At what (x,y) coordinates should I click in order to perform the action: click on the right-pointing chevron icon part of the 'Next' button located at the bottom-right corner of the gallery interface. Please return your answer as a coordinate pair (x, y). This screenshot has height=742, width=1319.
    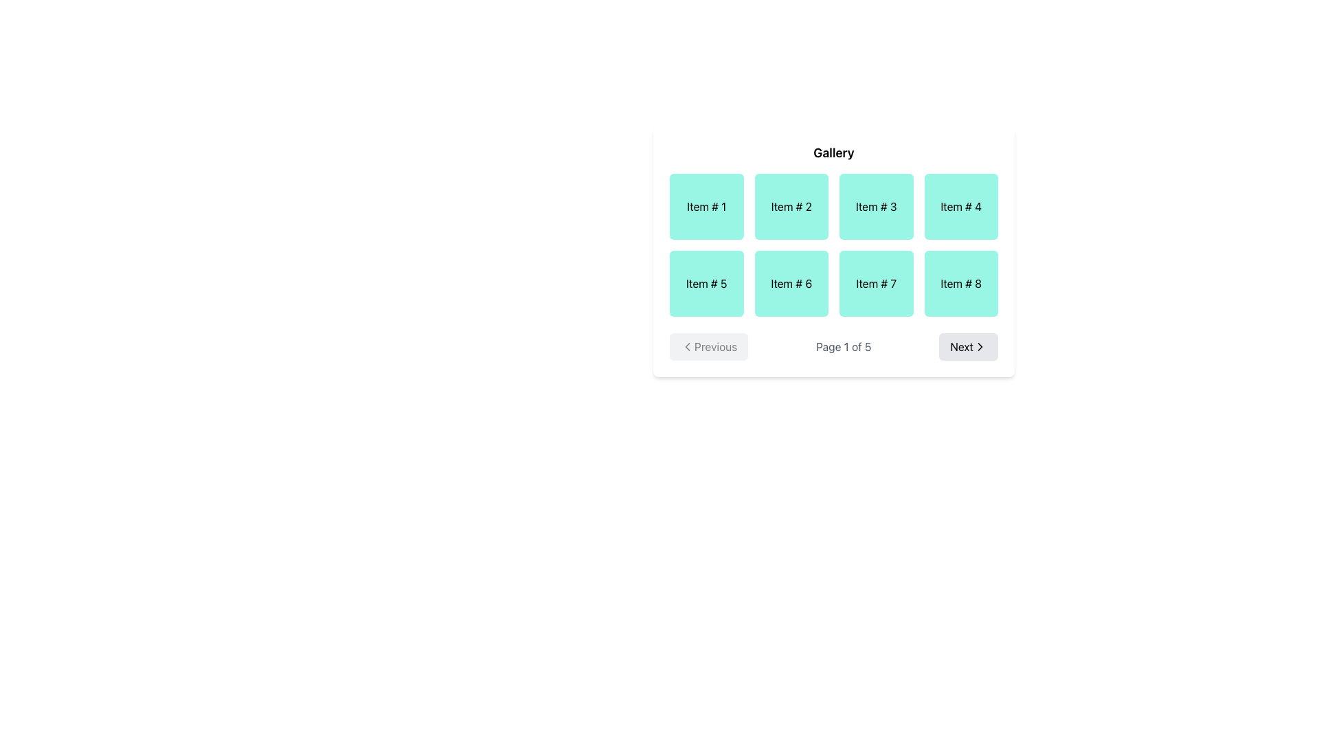
    Looking at the image, I should click on (979, 346).